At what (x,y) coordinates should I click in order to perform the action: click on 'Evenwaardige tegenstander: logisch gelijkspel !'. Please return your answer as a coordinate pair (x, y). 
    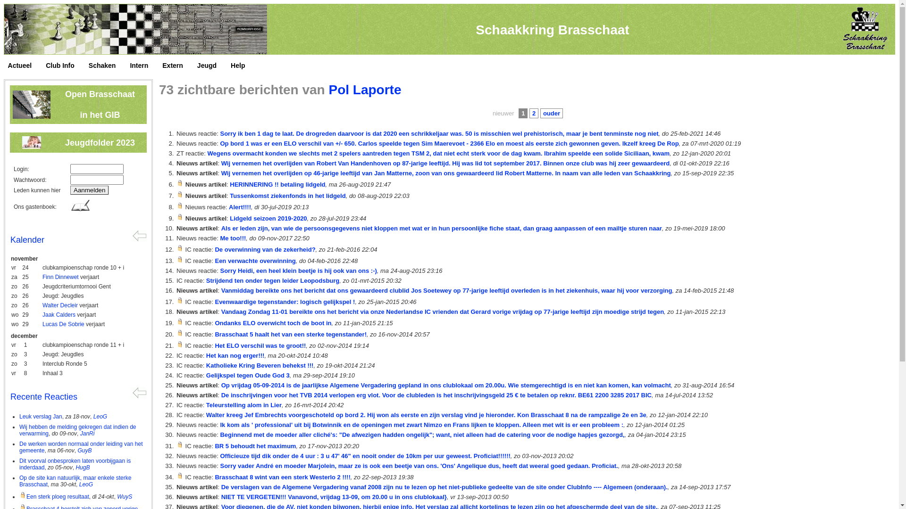
    Looking at the image, I should click on (284, 302).